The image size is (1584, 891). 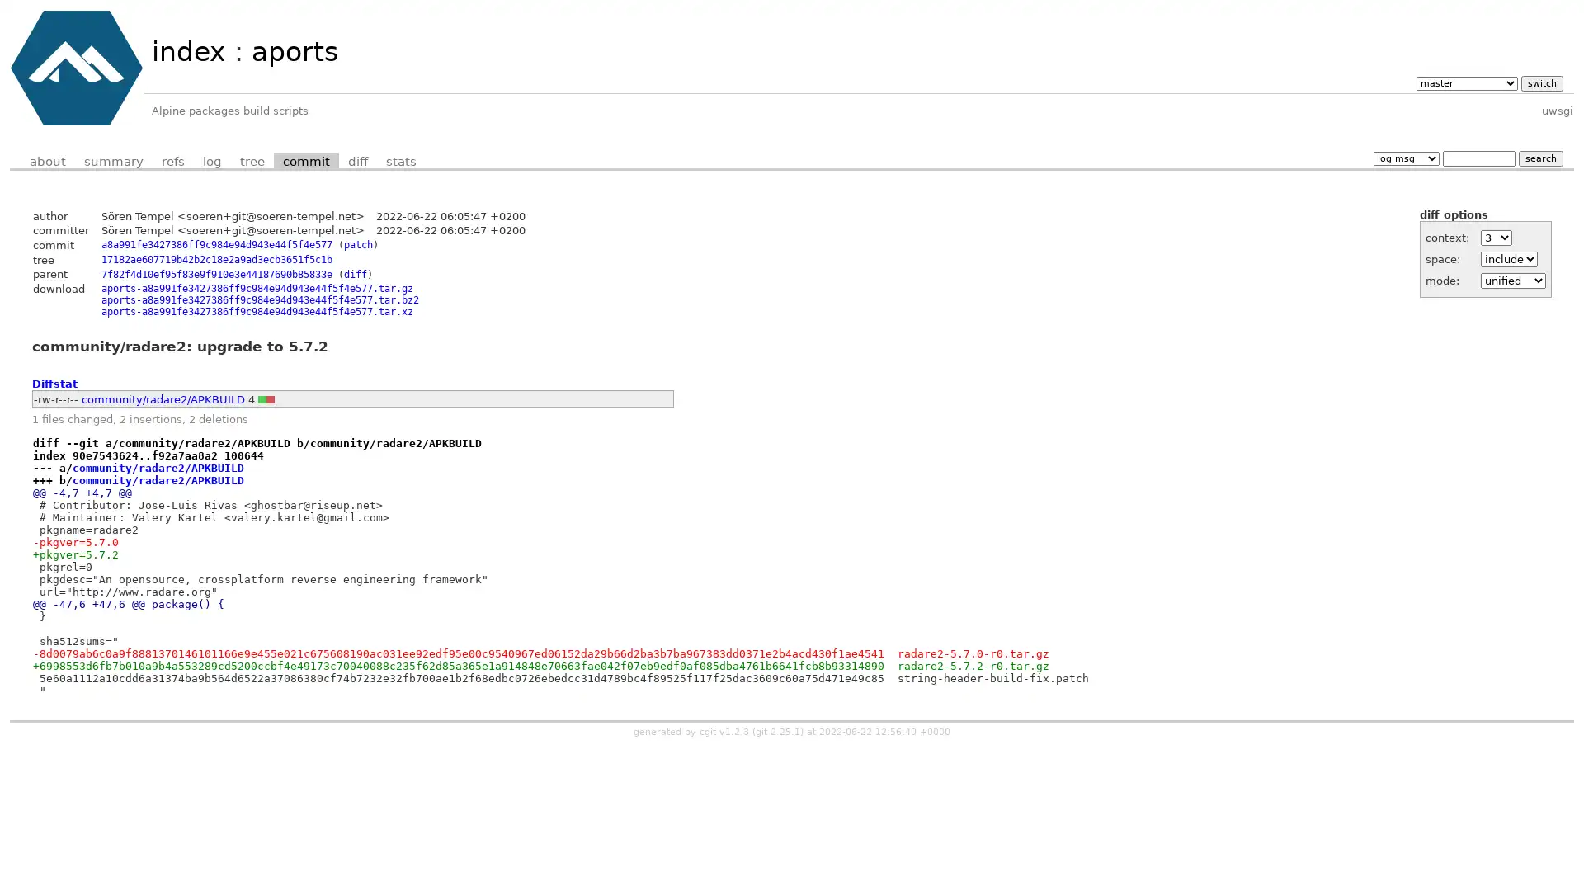 What do you see at coordinates (1540, 82) in the screenshot?
I see `switch` at bounding box center [1540, 82].